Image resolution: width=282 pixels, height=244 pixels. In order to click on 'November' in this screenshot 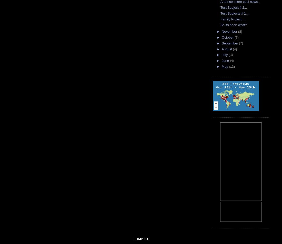, I will do `click(230, 31)`.